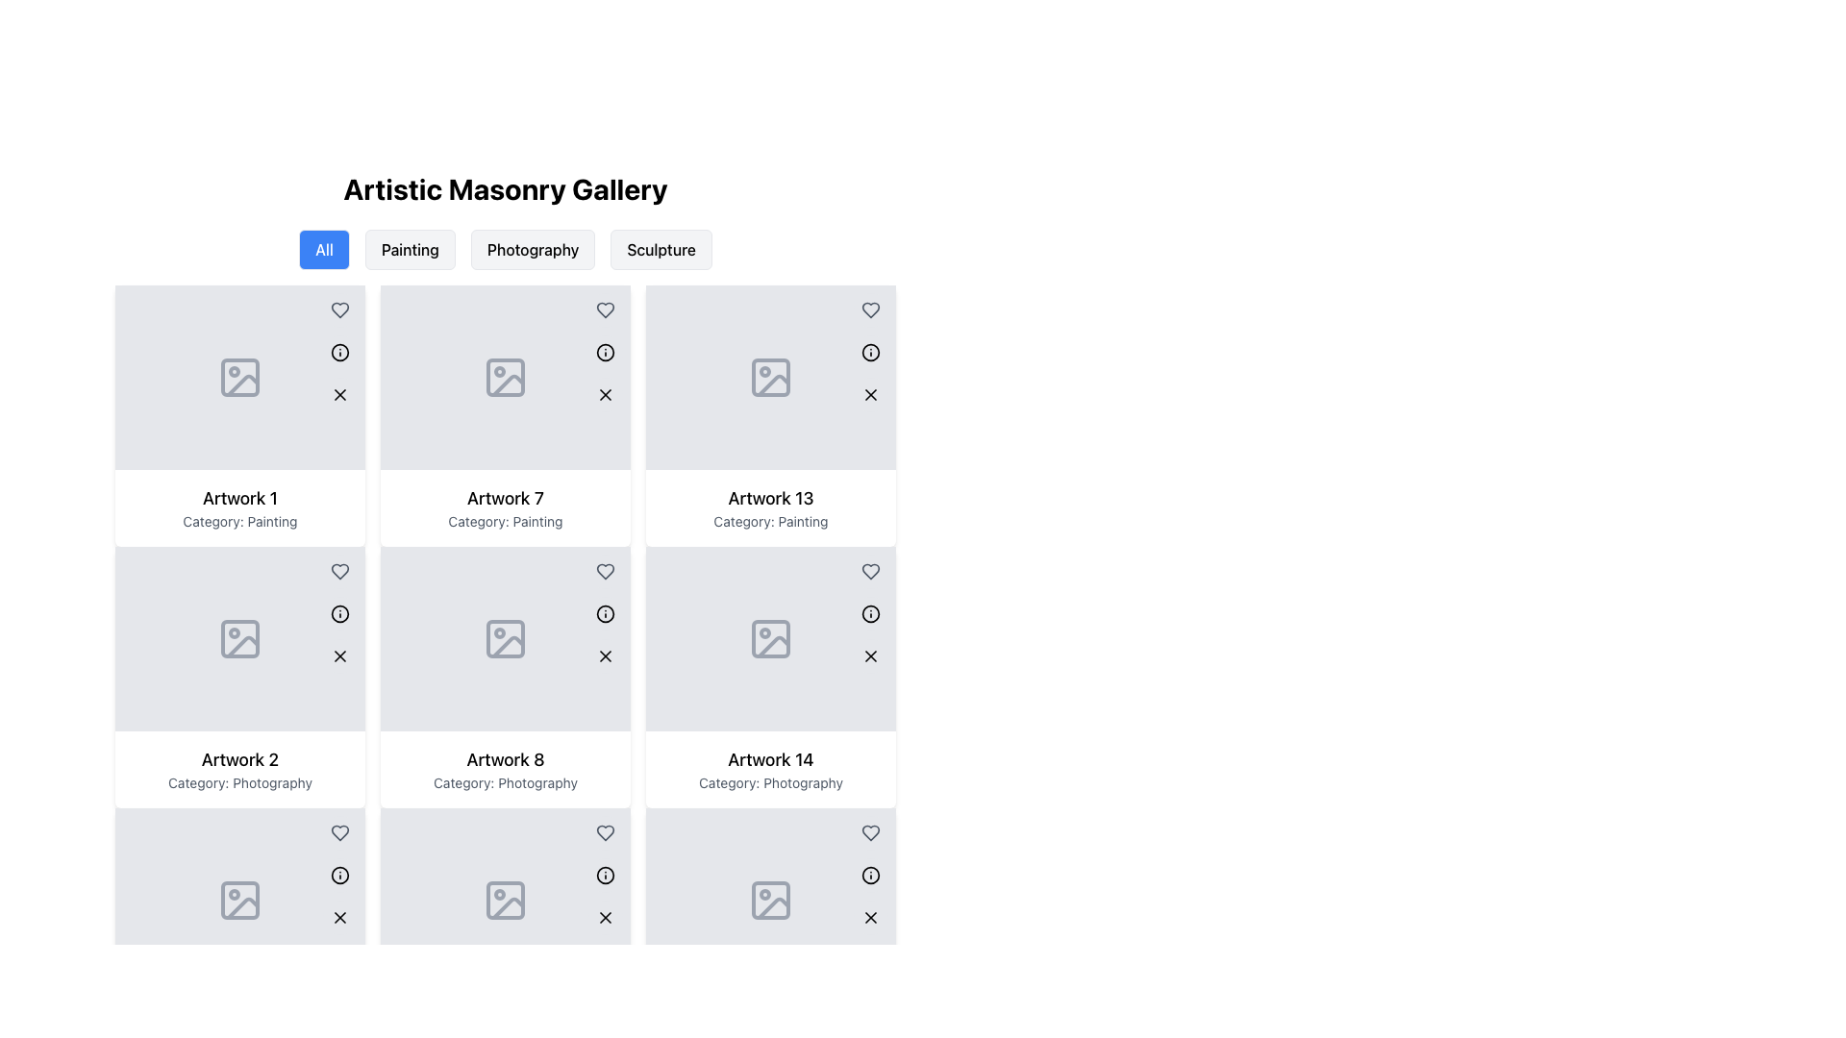 The image size is (1846, 1038). I want to click on the heart-shaped icon with a line art style located in the top-right corner of the card labeled 'Artwork 7', so click(604, 309).